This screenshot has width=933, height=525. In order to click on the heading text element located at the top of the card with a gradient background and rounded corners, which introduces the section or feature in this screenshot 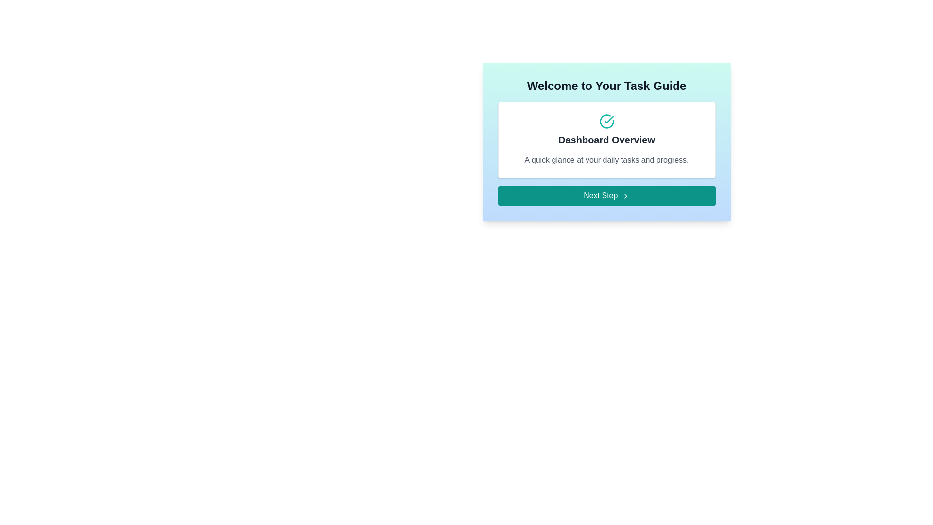, I will do `click(606, 86)`.